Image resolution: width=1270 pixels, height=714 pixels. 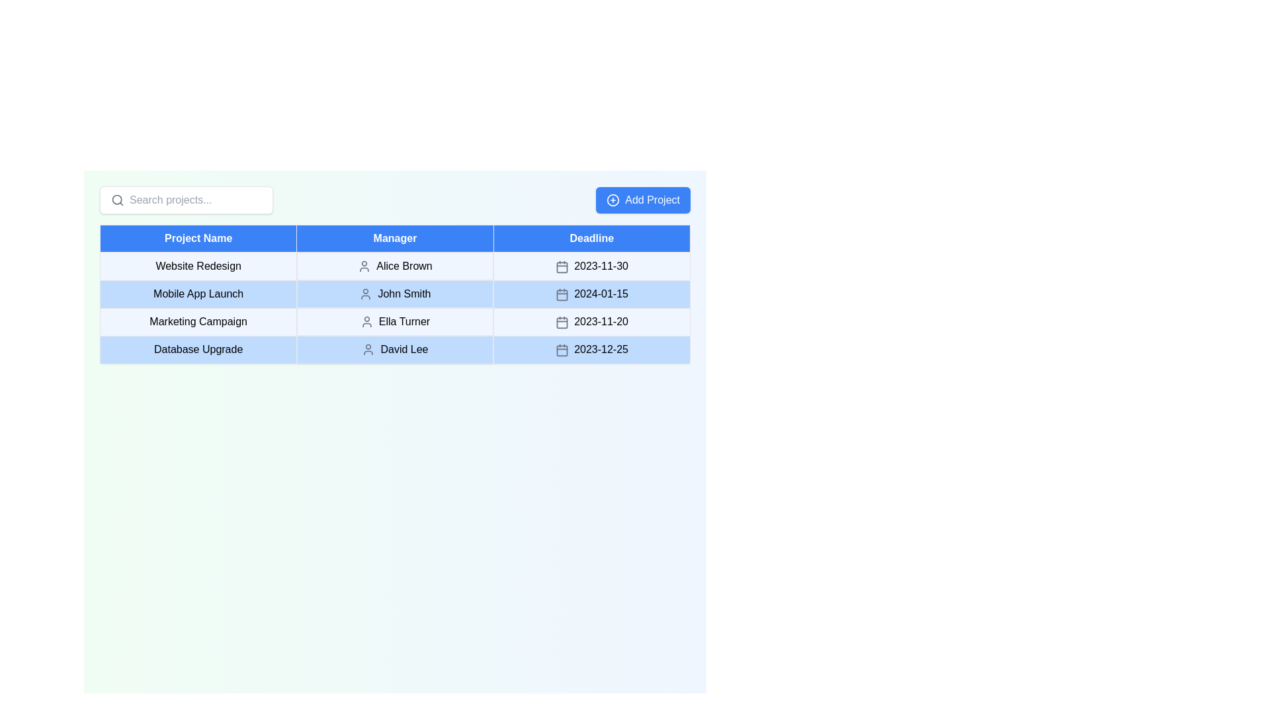 I want to click on the text block displaying 'Website Redesign' located in the first column of the second row under the 'Project Name' header, so click(x=198, y=266).